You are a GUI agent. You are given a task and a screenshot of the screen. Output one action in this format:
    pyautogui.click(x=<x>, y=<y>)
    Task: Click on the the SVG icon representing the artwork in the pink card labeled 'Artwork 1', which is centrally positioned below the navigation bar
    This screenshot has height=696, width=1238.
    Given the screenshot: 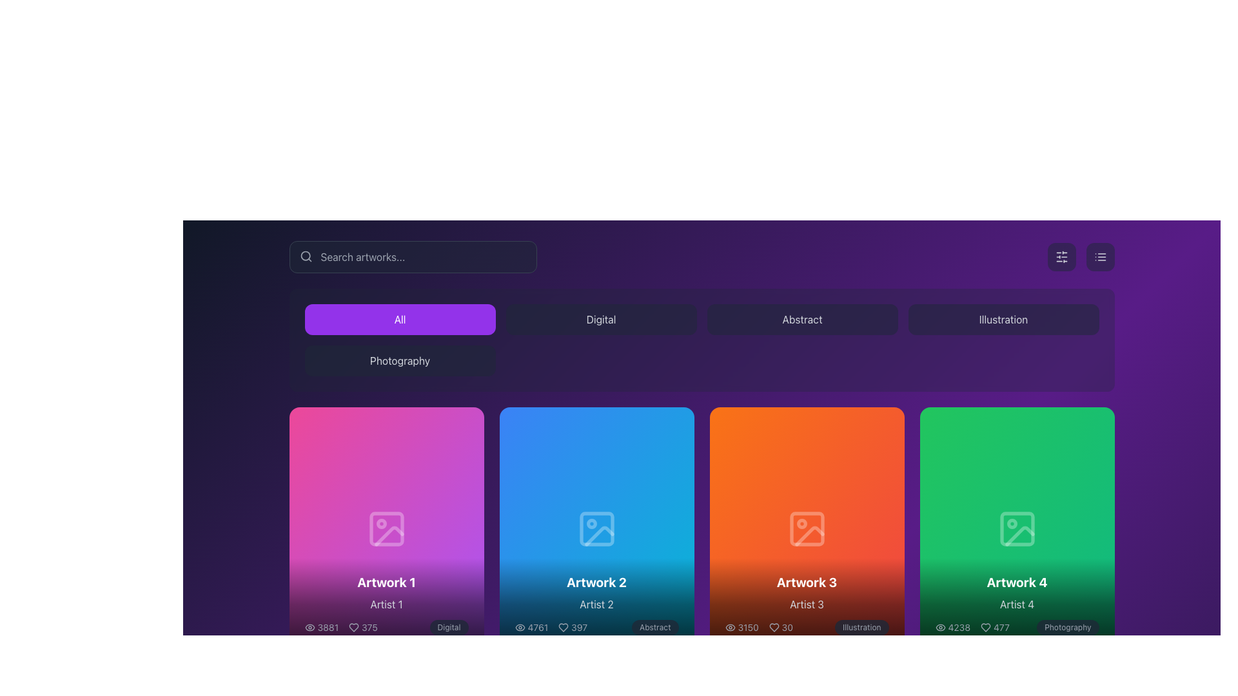 What is the action you would take?
    pyautogui.click(x=386, y=528)
    